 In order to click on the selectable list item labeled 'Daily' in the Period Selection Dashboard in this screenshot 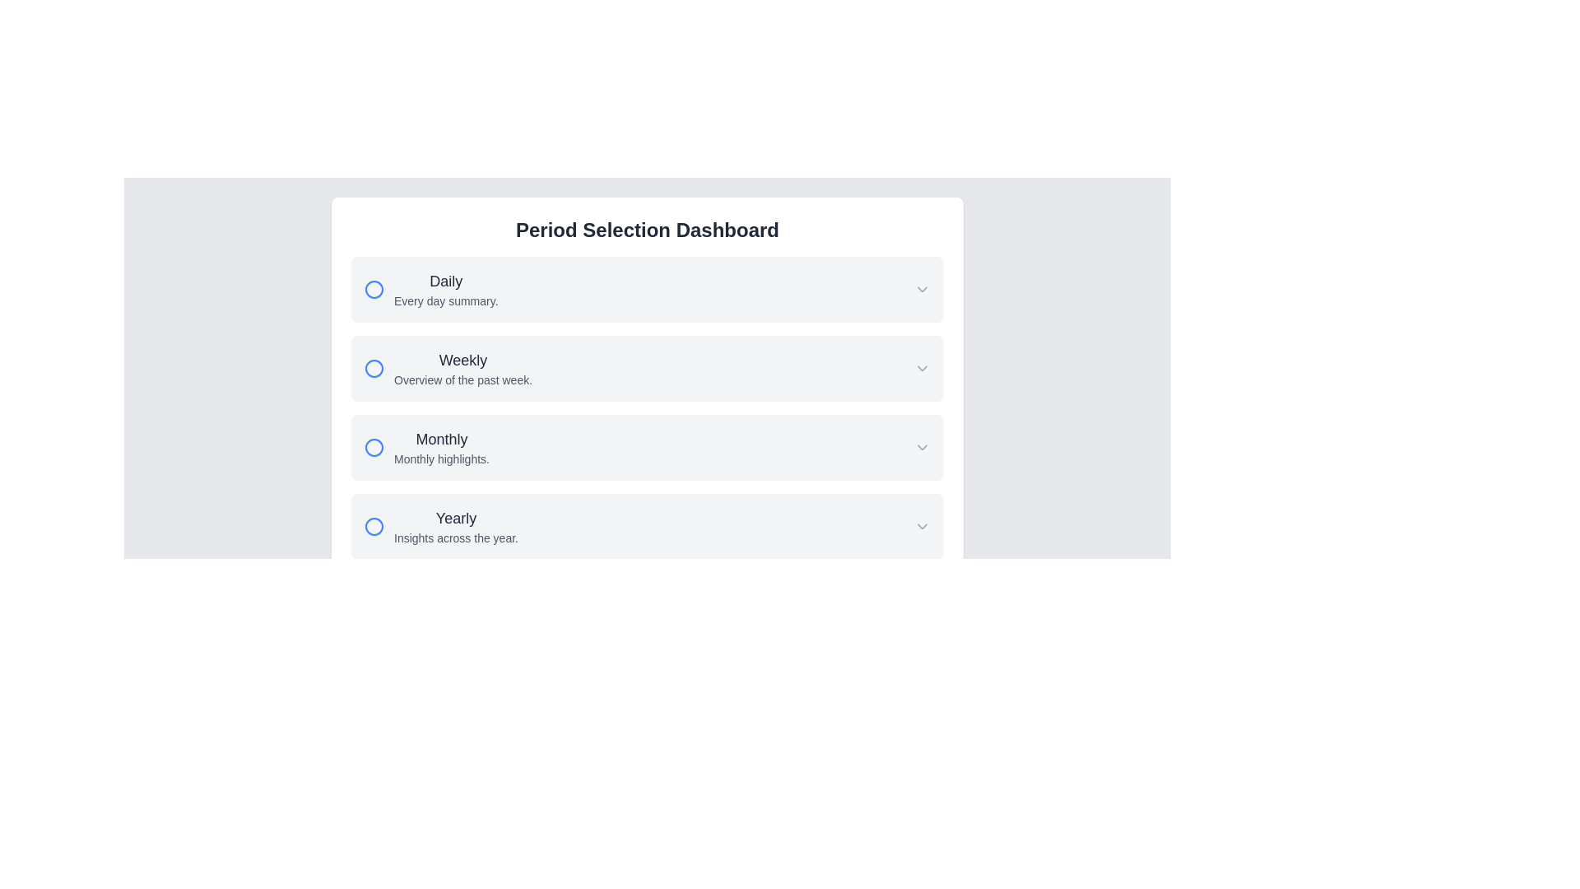, I will do `click(647, 288)`.